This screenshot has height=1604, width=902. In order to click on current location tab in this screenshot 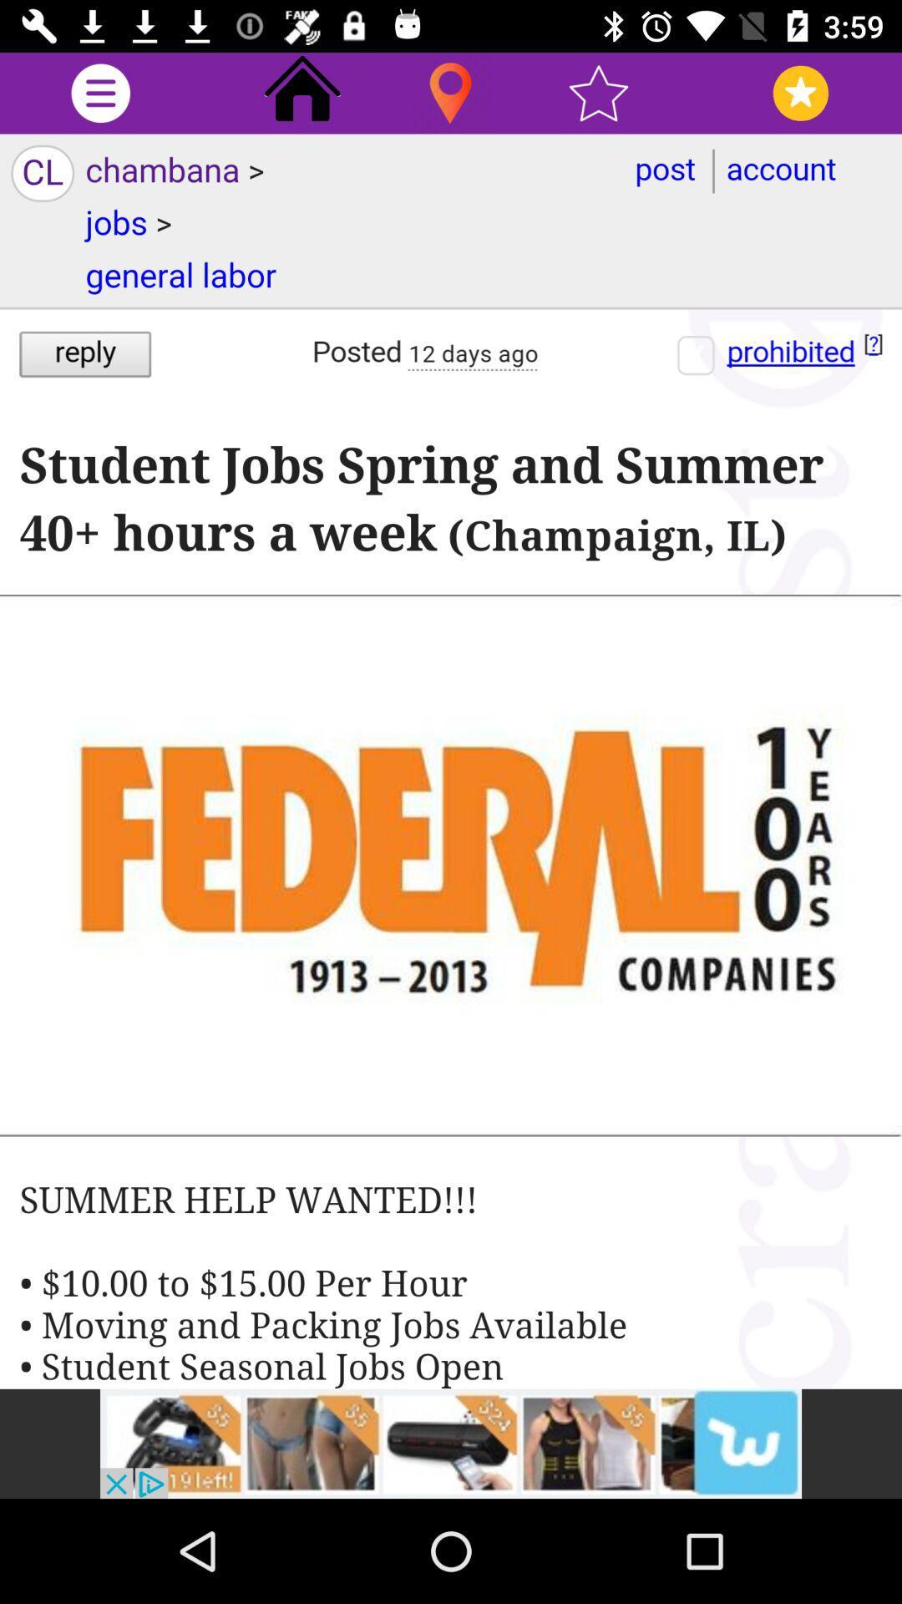, I will do `click(449, 92)`.